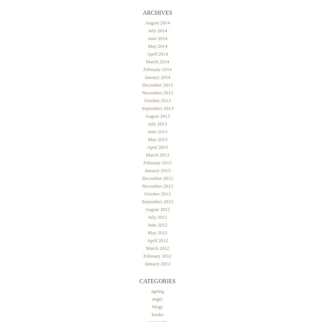 The image size is (315, 322). Describe the element at coordinates (157, 162) in the screenshot. I see `'February 2013'` at that location.